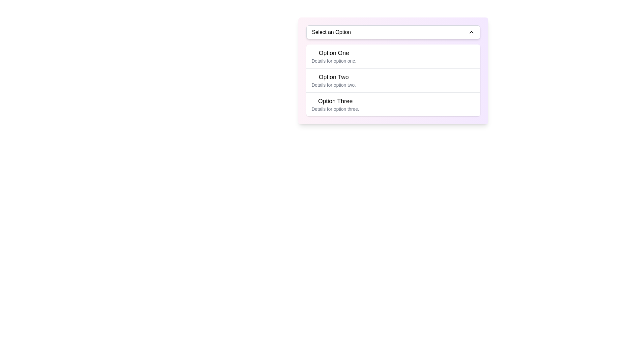 The image size is (633, 356). I want to click on the static text label displaying 'Details for option three.' which is located below the 'Option Three' label in the dropdown interface, so click(335, 109).